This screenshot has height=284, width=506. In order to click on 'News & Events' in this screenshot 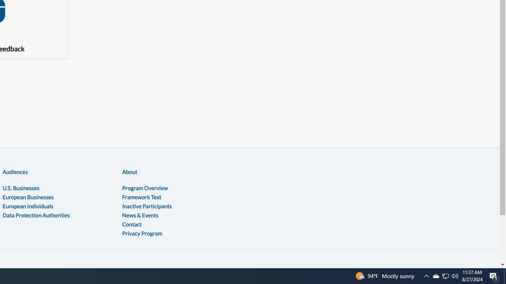, I will do `click(140, 215)`.